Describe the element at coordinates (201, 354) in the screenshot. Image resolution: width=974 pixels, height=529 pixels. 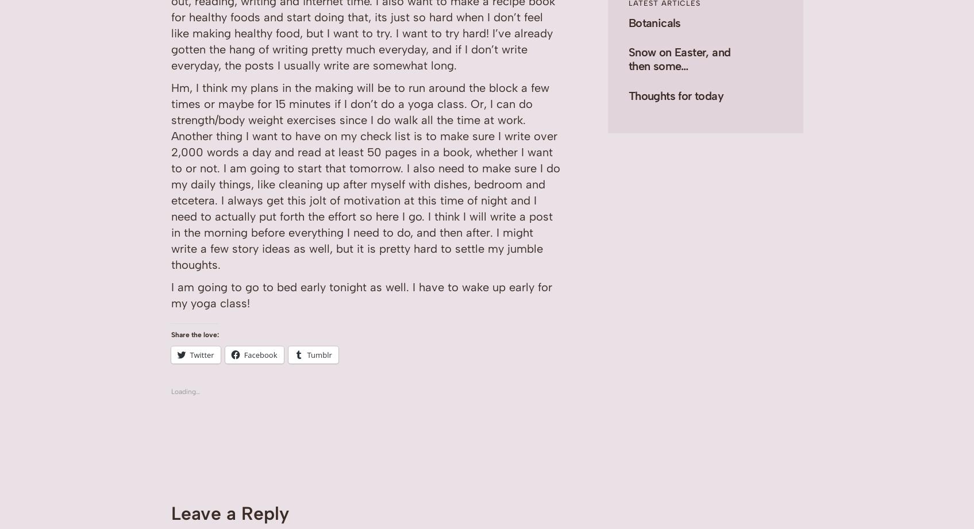
I see `'Twitter'` at that location.